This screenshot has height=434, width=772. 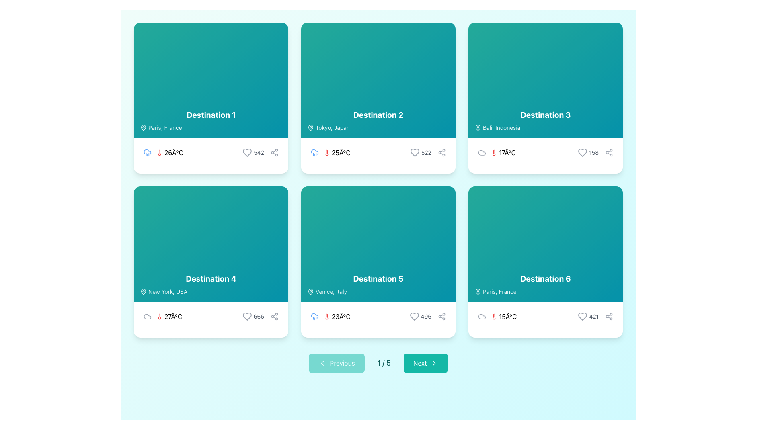 I want to click on the cloudy weather icon located in the fourth card ('Destination 4') to the left of the temperature text ('27°C'), so click(x=147, y=316).